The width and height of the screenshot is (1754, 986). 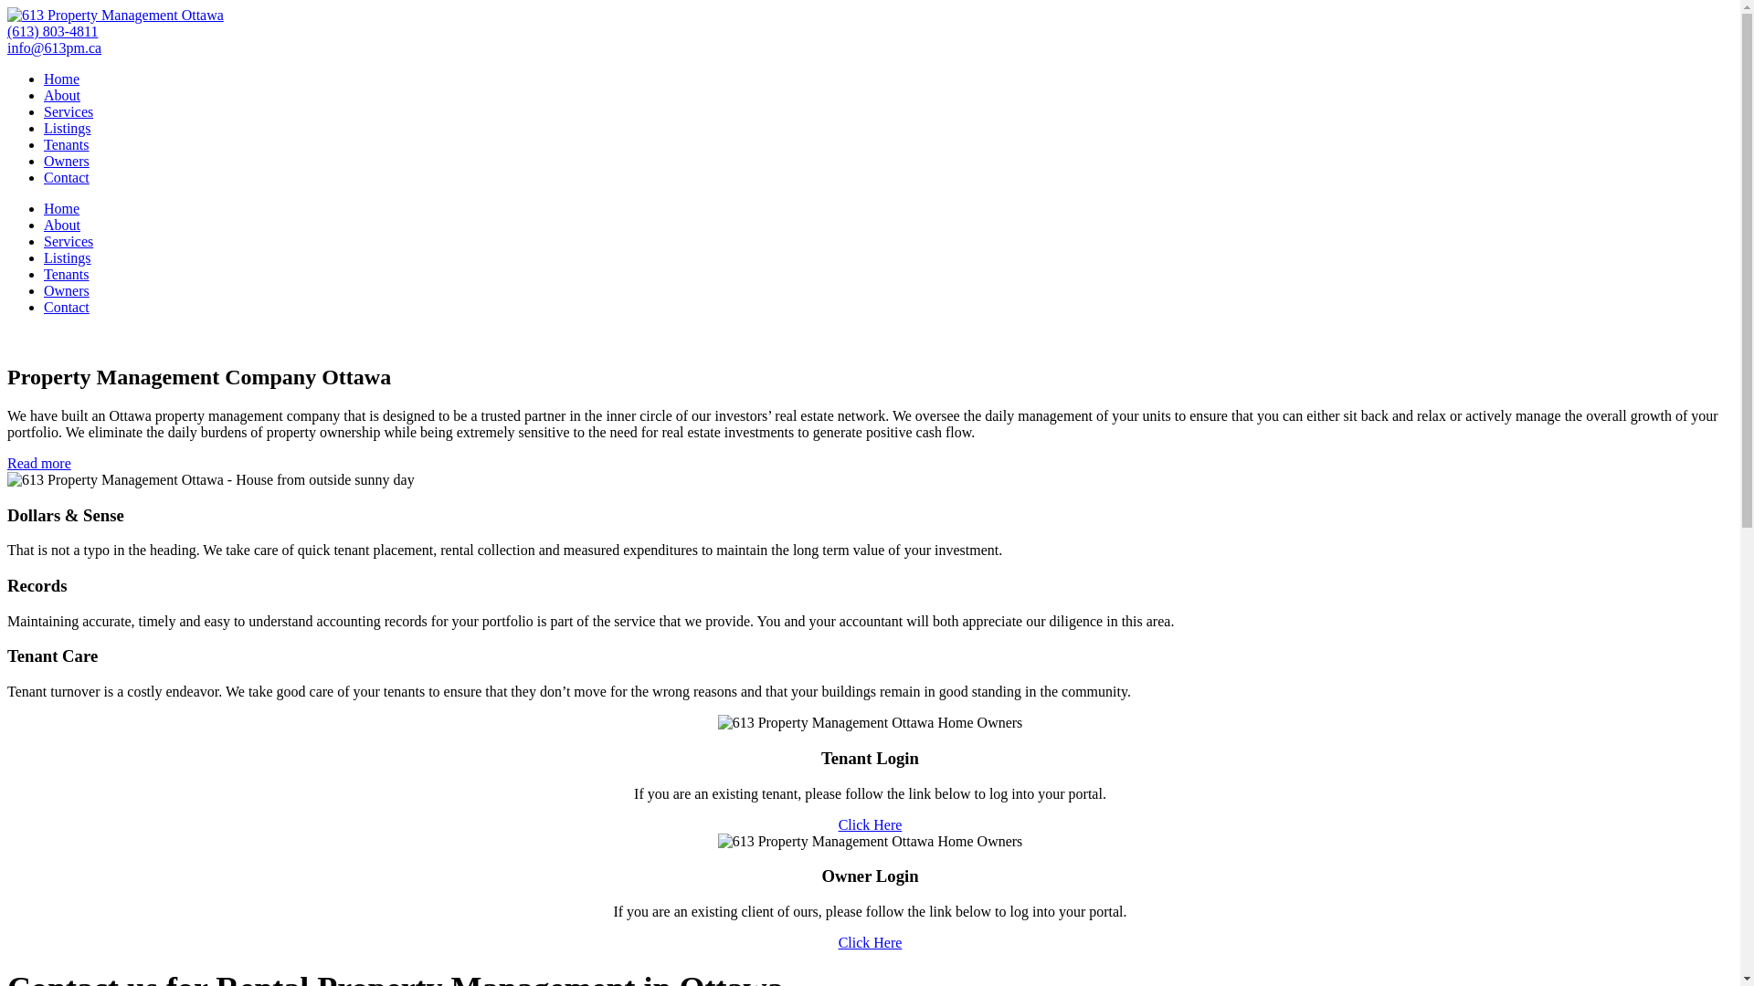 What do you see at coordinates (52, 31) in the screenshot?
I see `'(613) 803-4811'` at bounding box center [52, 31].